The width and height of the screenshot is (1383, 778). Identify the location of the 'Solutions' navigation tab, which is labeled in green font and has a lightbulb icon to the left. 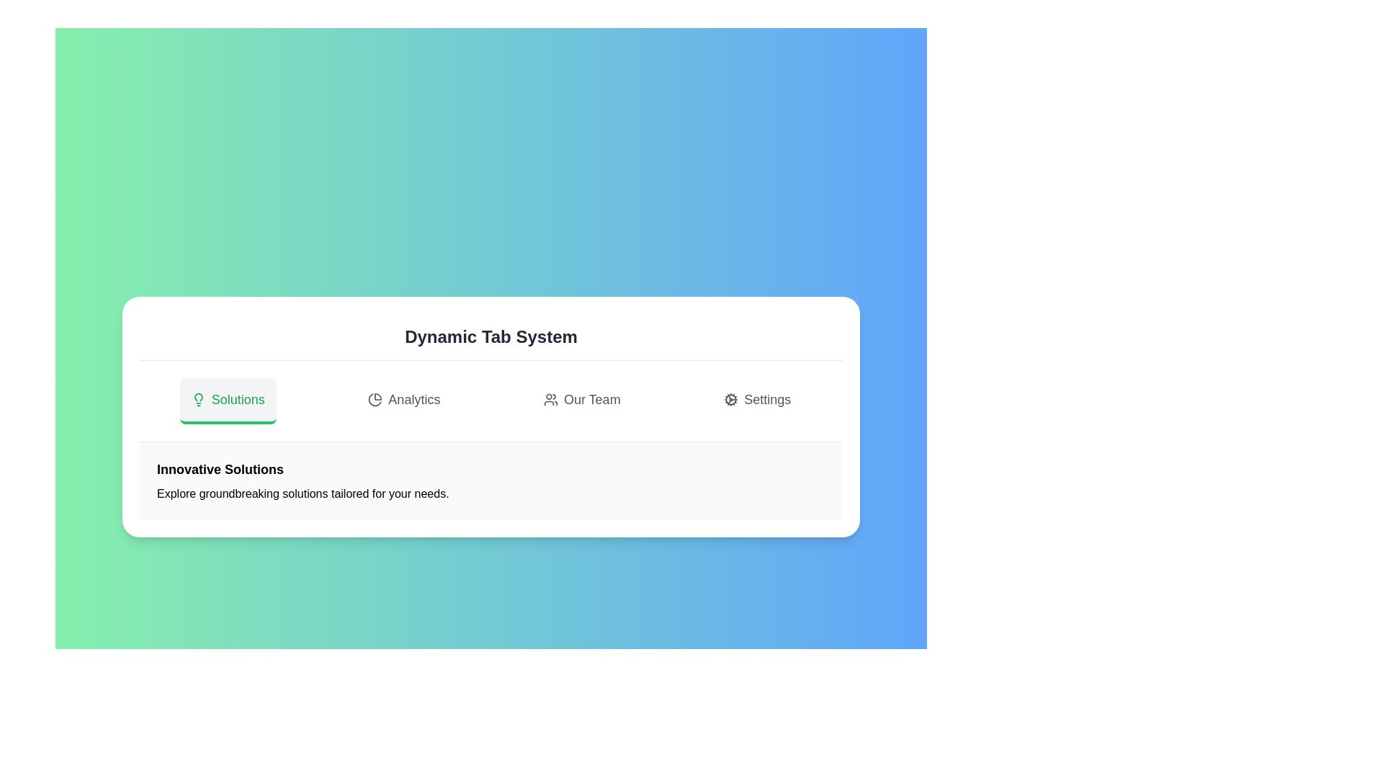
(227, 401).